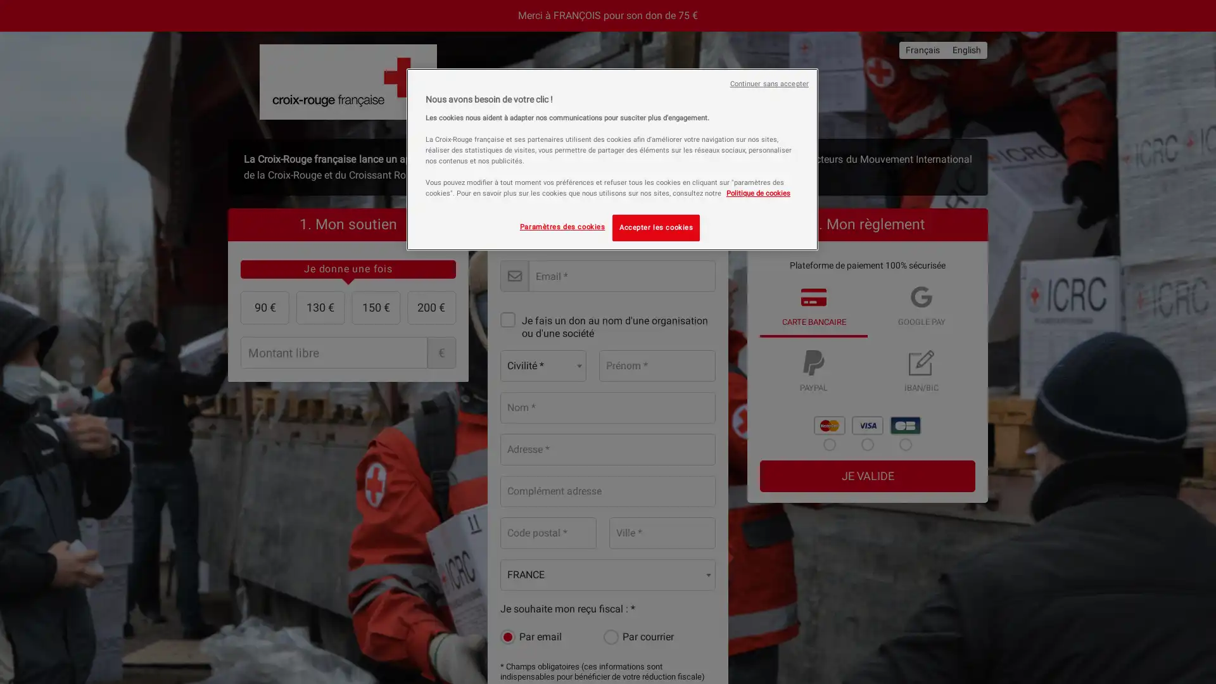  Describe the element at coordinates (561, 226) in the screenshot. I see `Parametres des cookies` at that location.